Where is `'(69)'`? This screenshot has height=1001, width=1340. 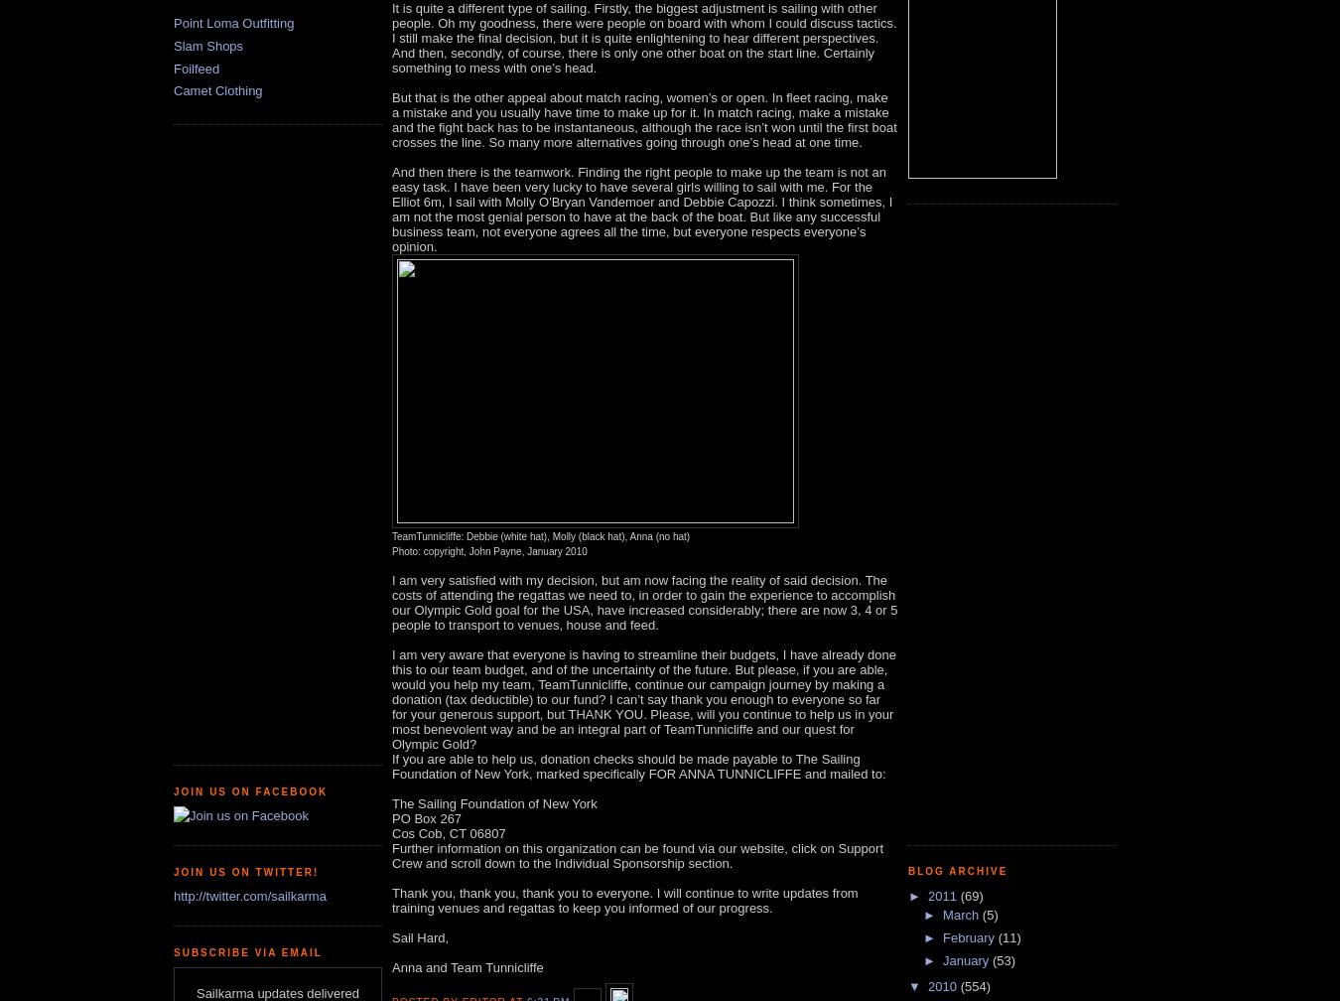 '(69)' is located at coordinates (970, 895).